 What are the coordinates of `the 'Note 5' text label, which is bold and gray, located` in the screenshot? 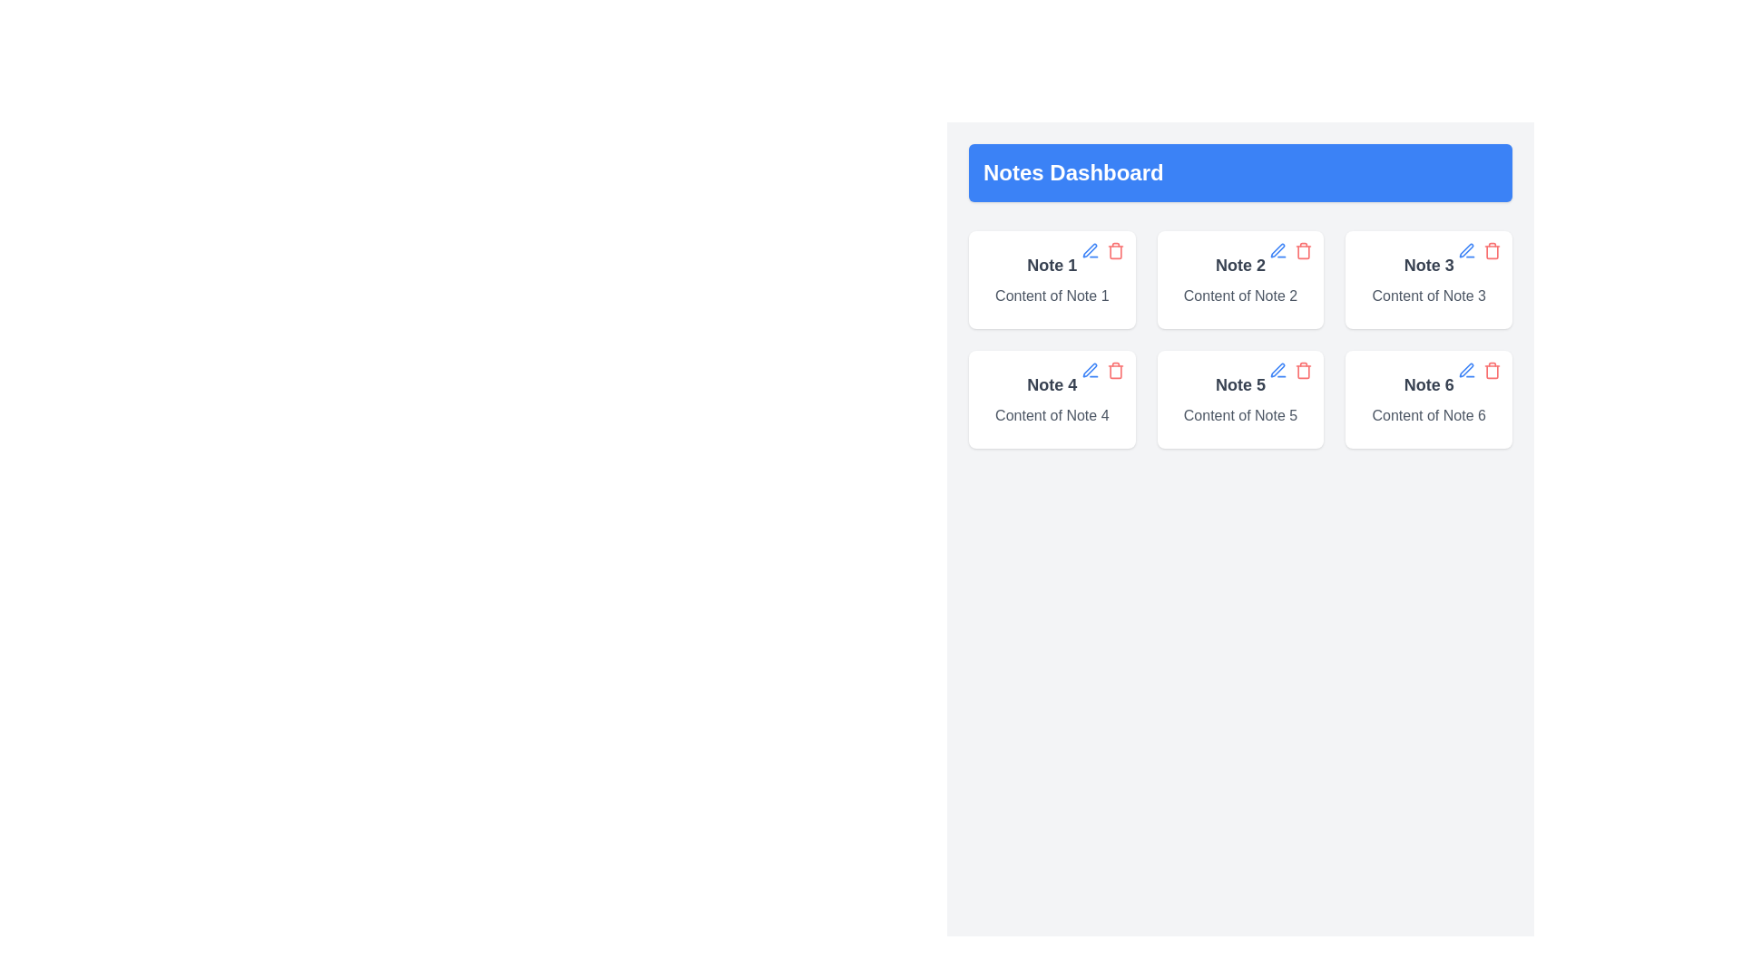 It's located at (1239, 383).